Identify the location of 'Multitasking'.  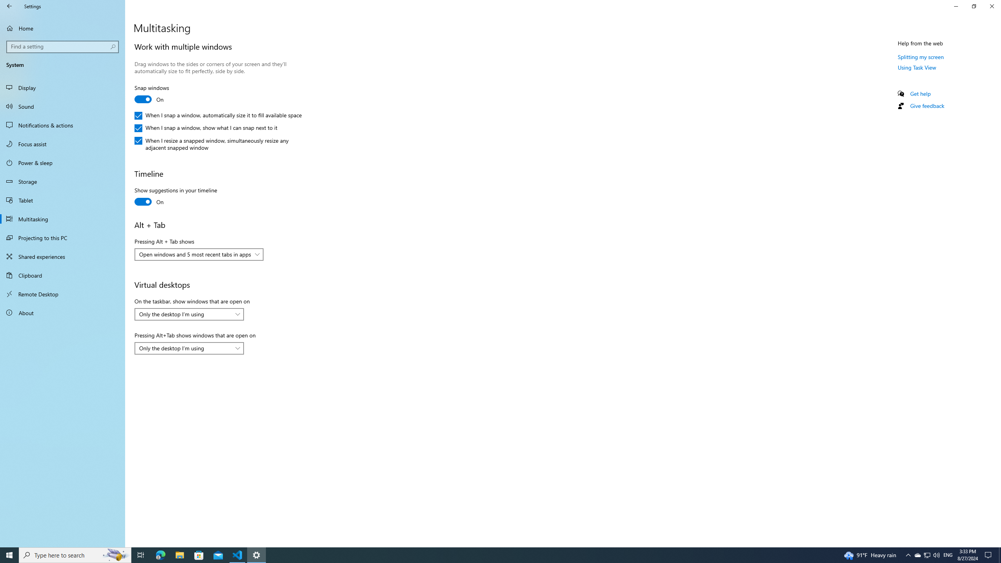
(62, 219).